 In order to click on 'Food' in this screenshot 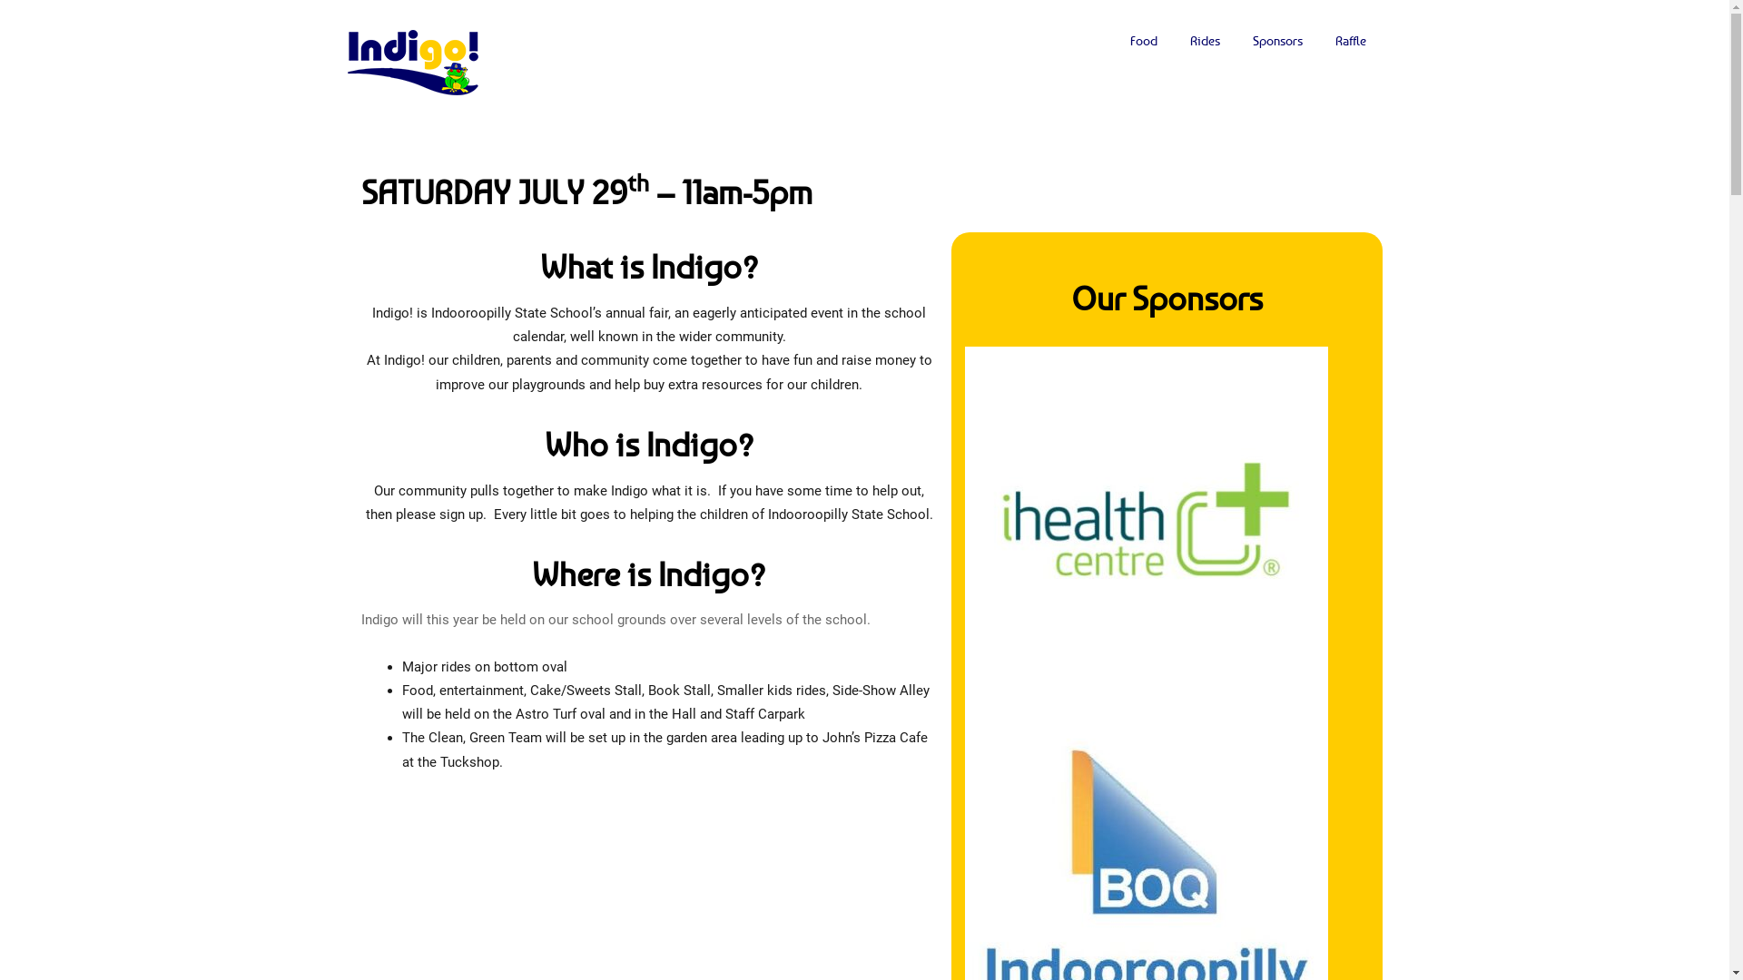, I will do `click(1141, 41)`.